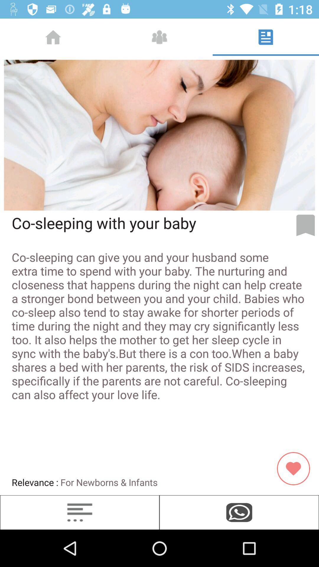 The width and height of the screenshot is (319, 567). Describe the element at coordinates (296, 468) in the screenshot. I see `the favorite icon` at that location.